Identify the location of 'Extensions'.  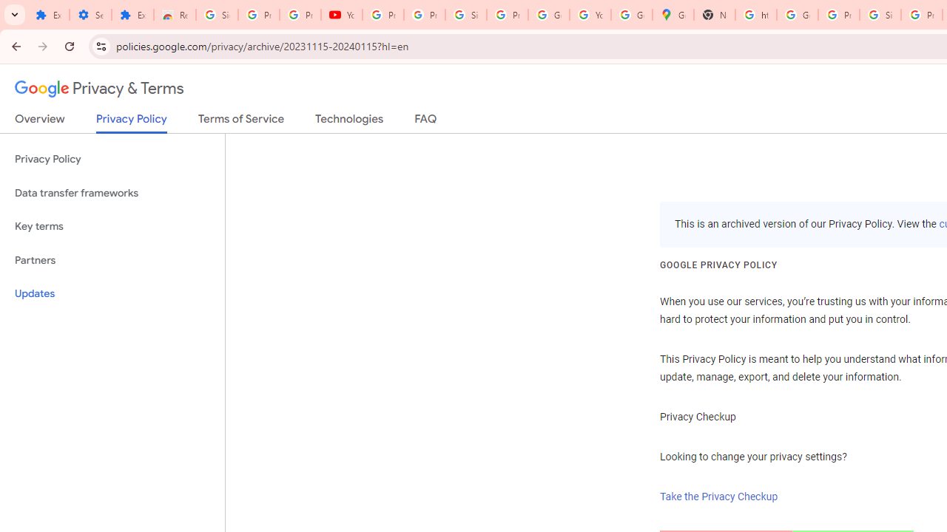
(48, 15).